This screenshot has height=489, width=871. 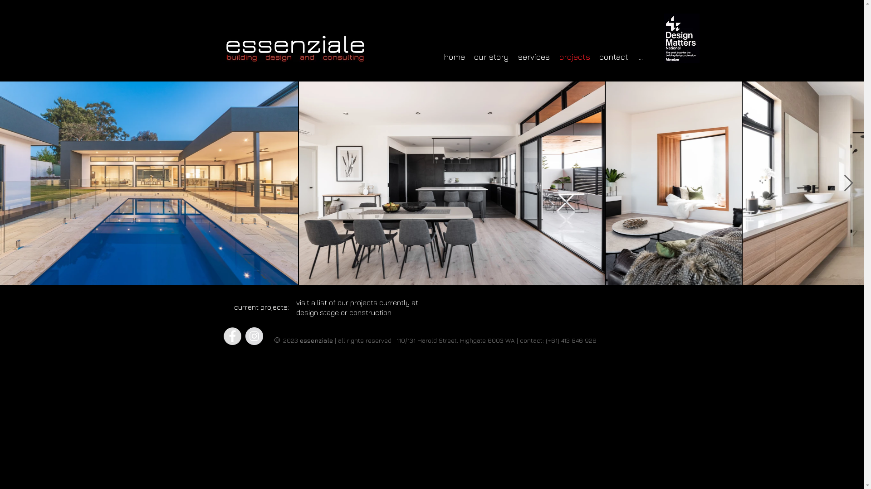 What do you see at coordinates (222, 48) in the screenshot?
I see `'essenziale architecture design consulting perth'` at bounding box center [222, 48].